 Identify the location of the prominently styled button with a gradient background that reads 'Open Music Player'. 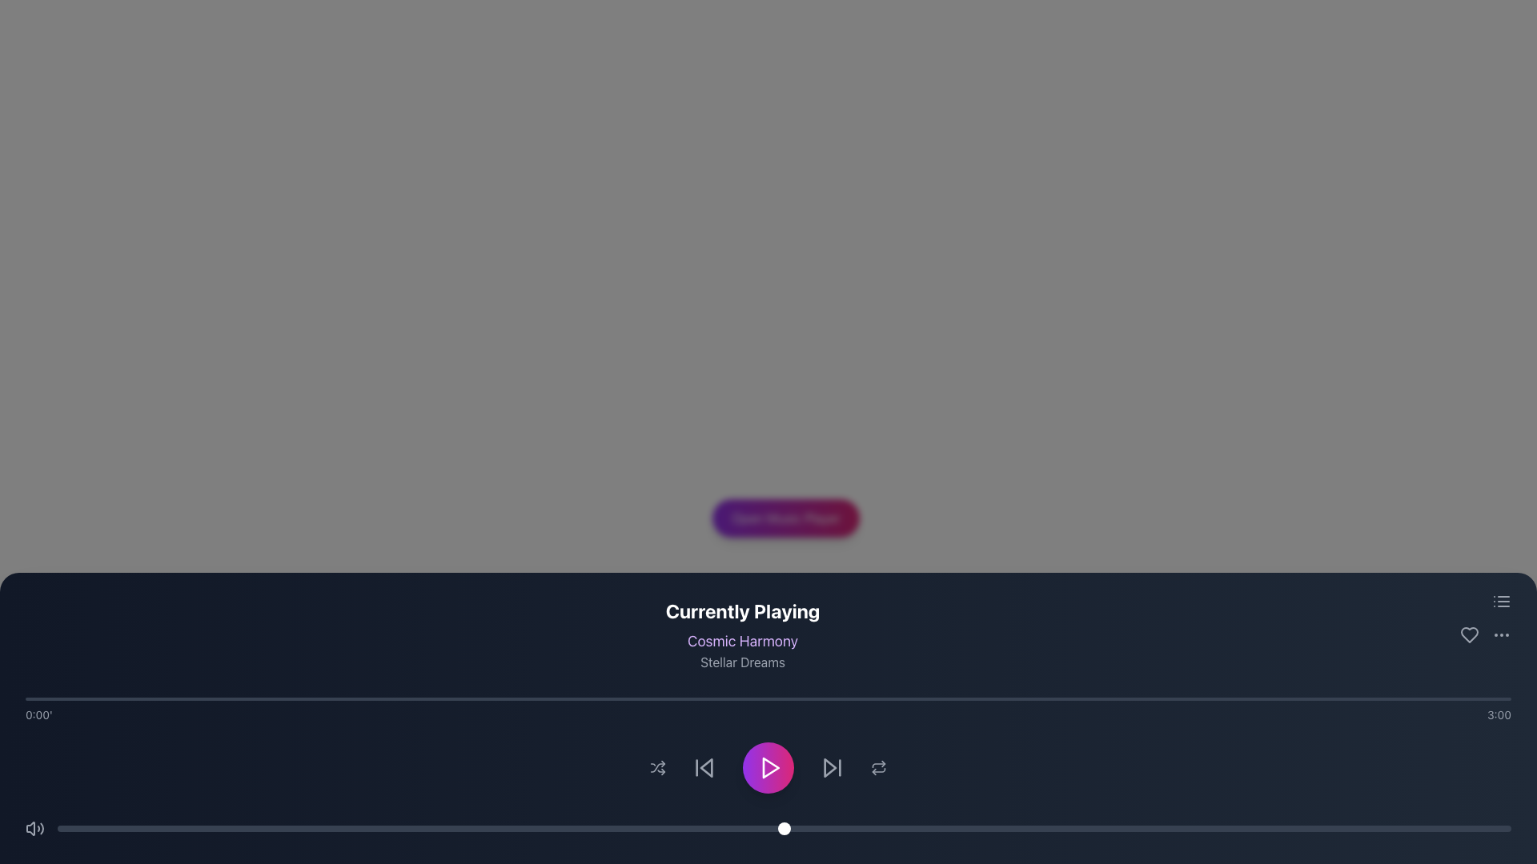
(786, 518).